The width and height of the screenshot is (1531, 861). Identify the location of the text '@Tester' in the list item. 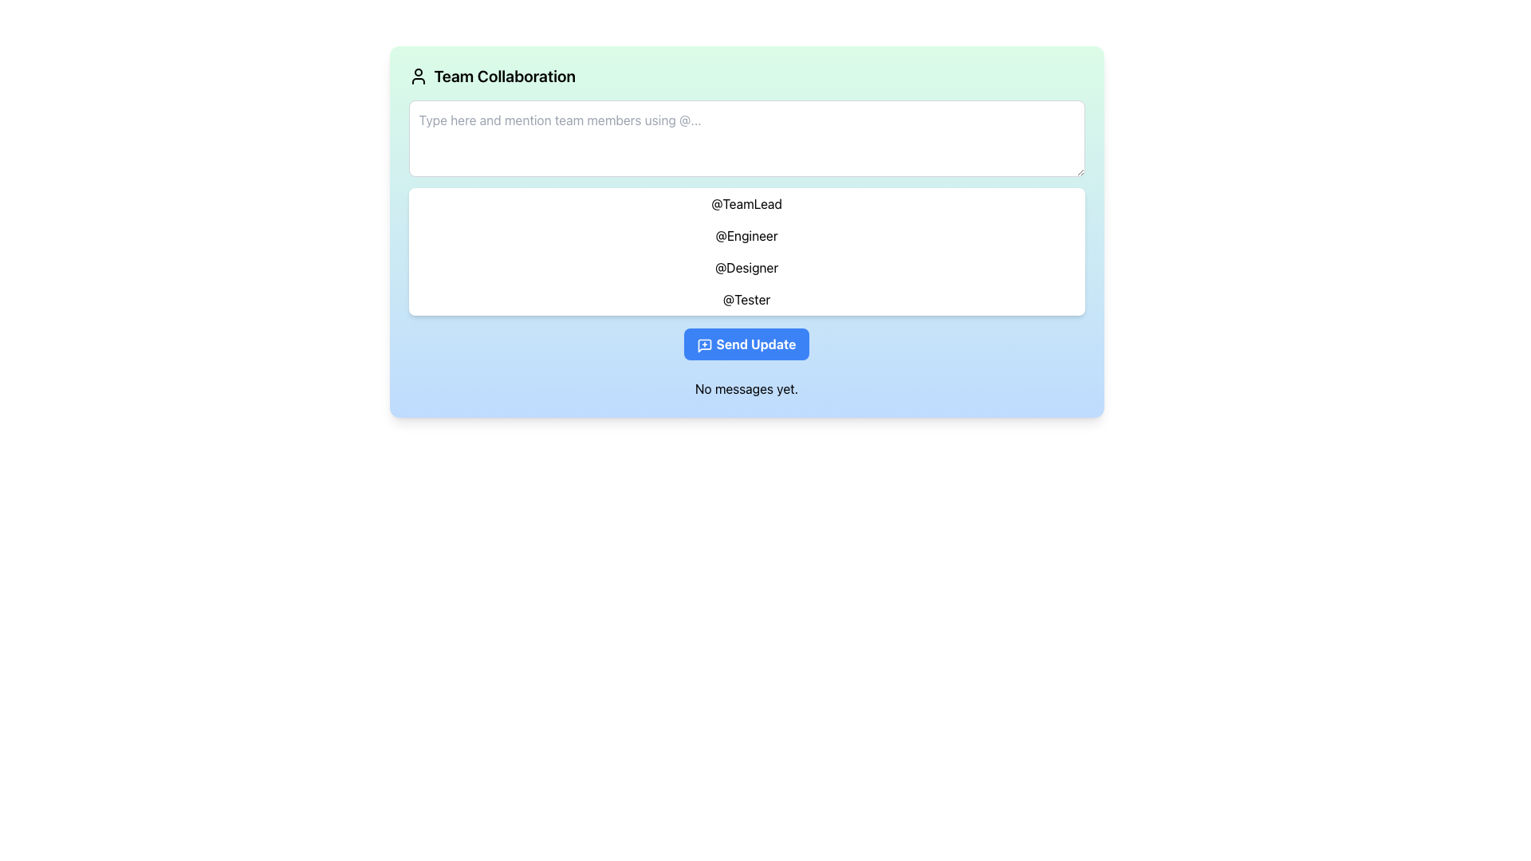
(746, 299).